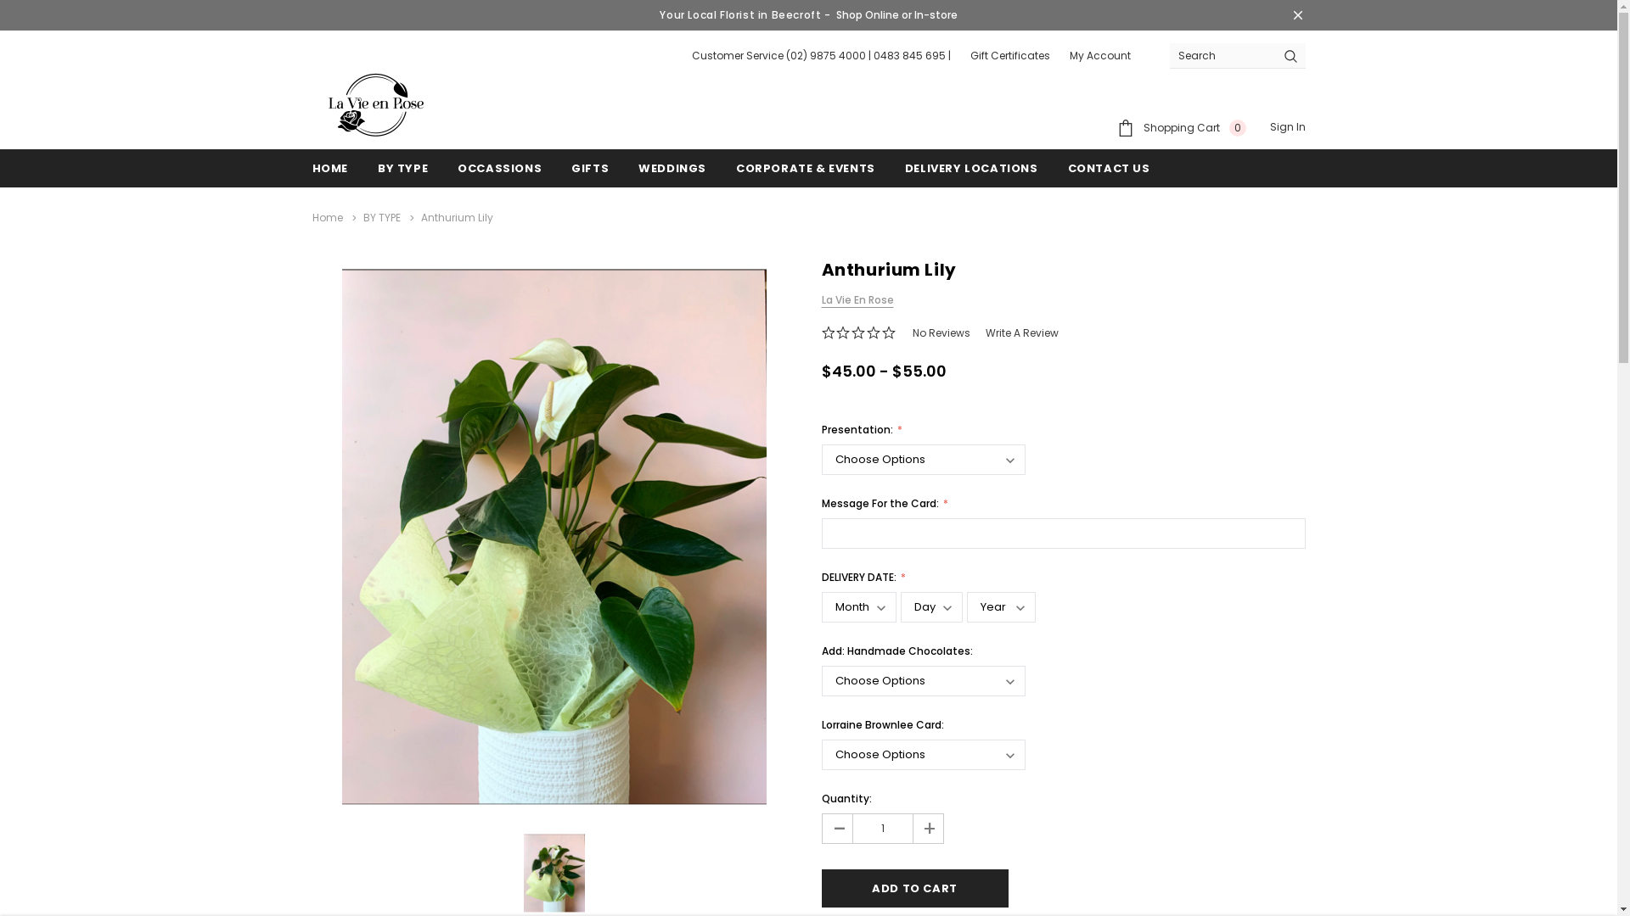 The image size is (1630, 916). What do you see at coordinates (402, 168) in the screenshot?
I see `'BY TYPE'` at bounding box center [402, 168].